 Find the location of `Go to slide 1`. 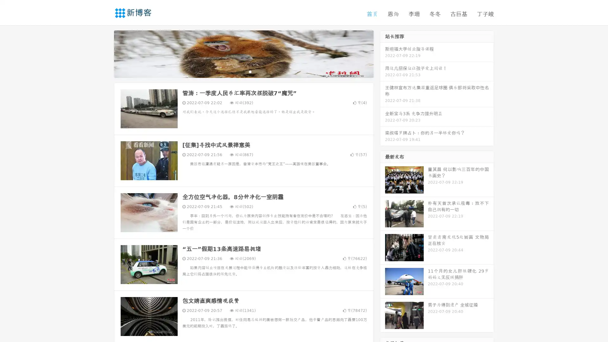

Go to slide 1 is located at coordinates (237, 71).